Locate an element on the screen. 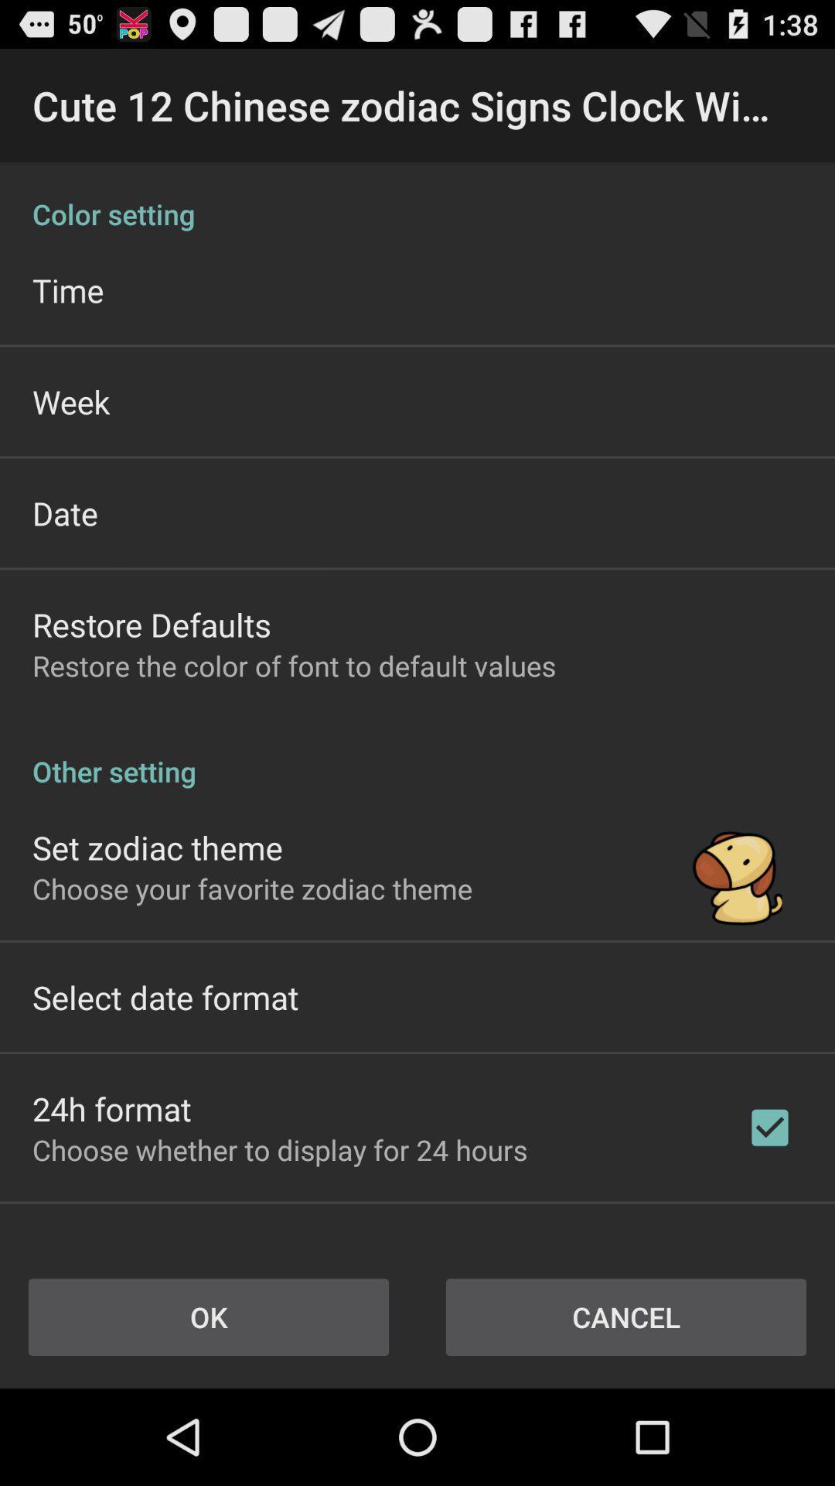  the restore the color icon is located at coordinates (294, 666).